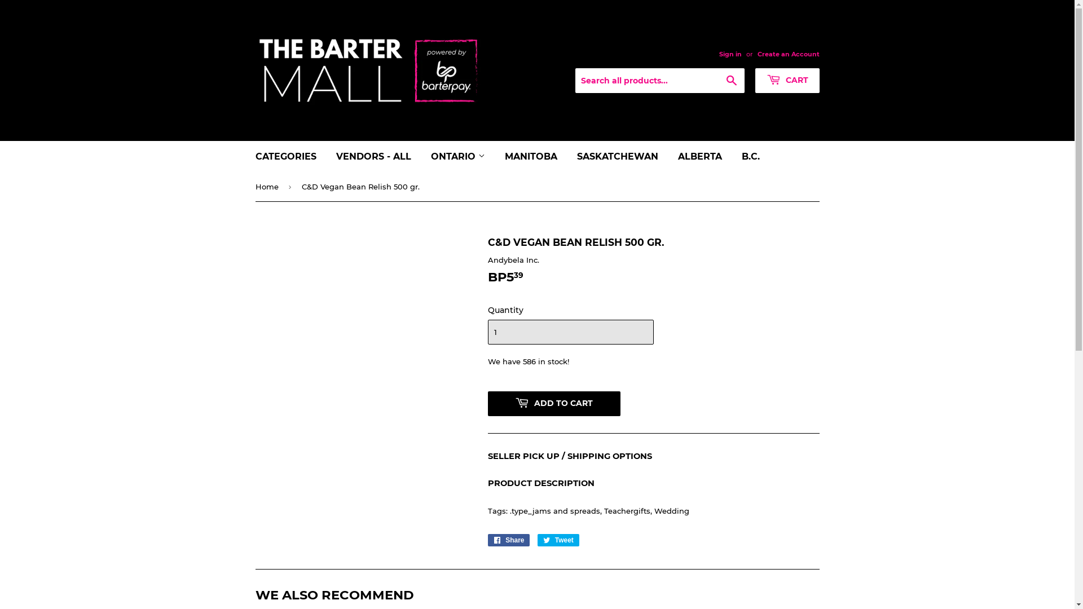  Describe the element at coordinates (730, 54) in the screenshot. I see `'Sign in'` at that location.